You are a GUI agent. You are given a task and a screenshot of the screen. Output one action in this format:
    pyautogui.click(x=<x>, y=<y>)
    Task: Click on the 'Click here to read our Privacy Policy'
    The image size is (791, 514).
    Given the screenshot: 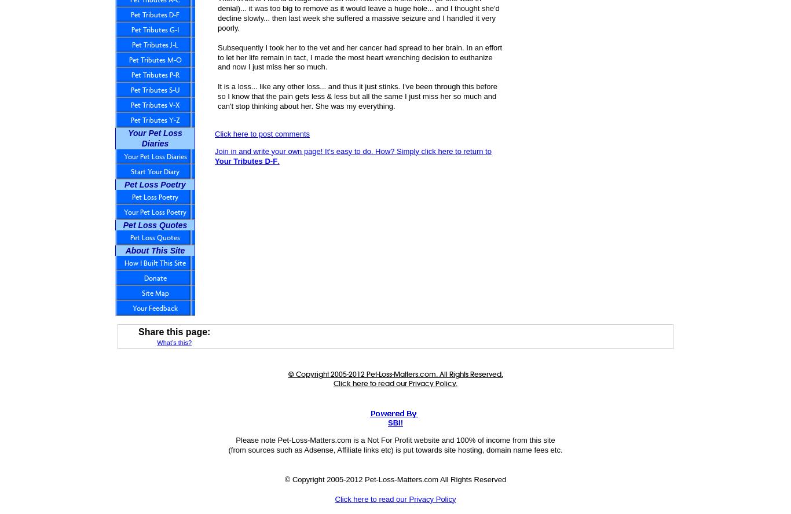 What is the action you would take?
    pyautogui.click(x=394, y=498)
    